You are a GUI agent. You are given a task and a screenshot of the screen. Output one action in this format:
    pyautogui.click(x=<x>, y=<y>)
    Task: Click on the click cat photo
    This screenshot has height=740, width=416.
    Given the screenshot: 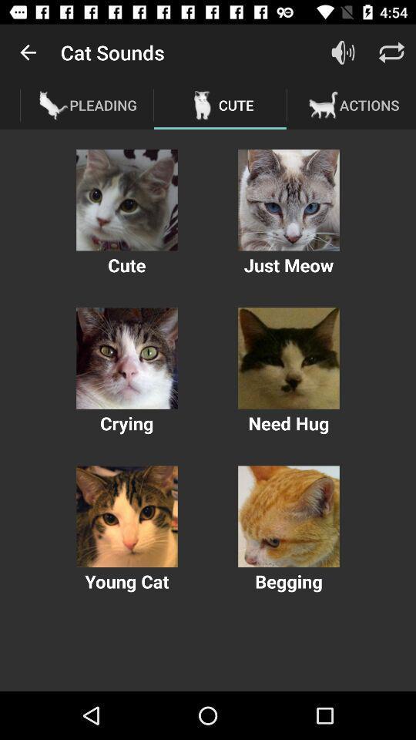 What is the action you would take?
    pyautogui.click(x=126, y=199)
    